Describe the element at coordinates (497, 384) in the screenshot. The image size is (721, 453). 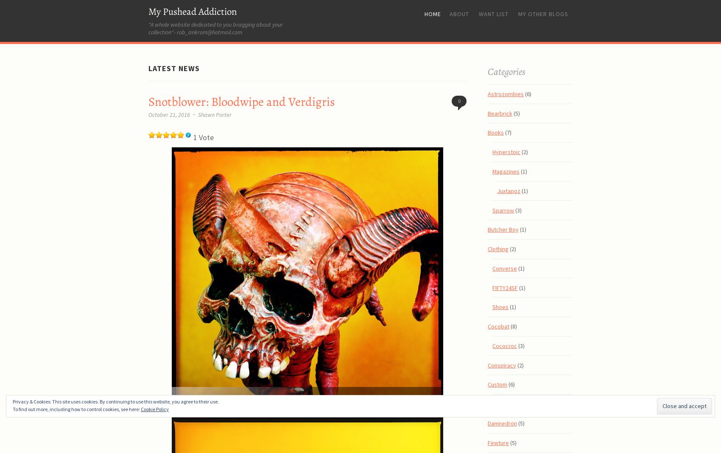
I see `'Custom'` at that location.